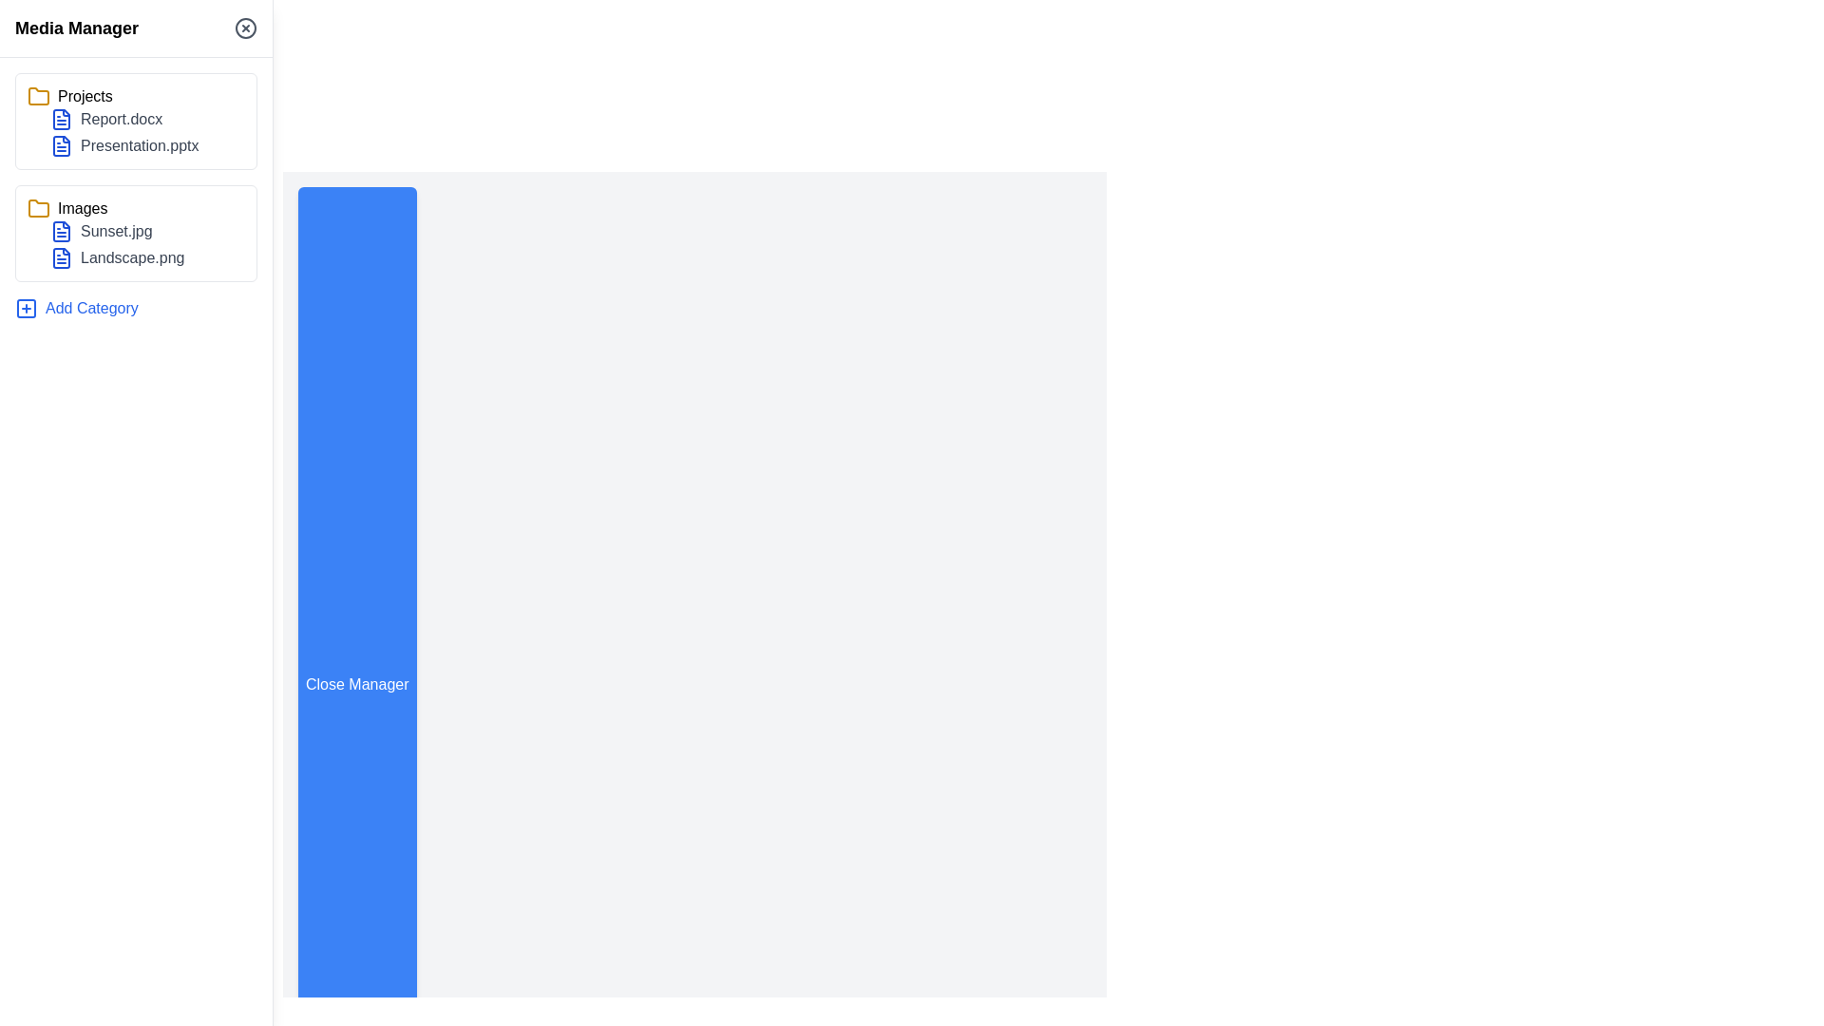 The height and width of the screenshot is (1026, 1824). What do you see at coordinates (62, 120) in the screenshot?
I see `the document icon located in the left sidebar of the interface, which features a rectangular body with a folded-over top-right corner, if it is interactive in some scenarios` at bounding box center [62, 120].